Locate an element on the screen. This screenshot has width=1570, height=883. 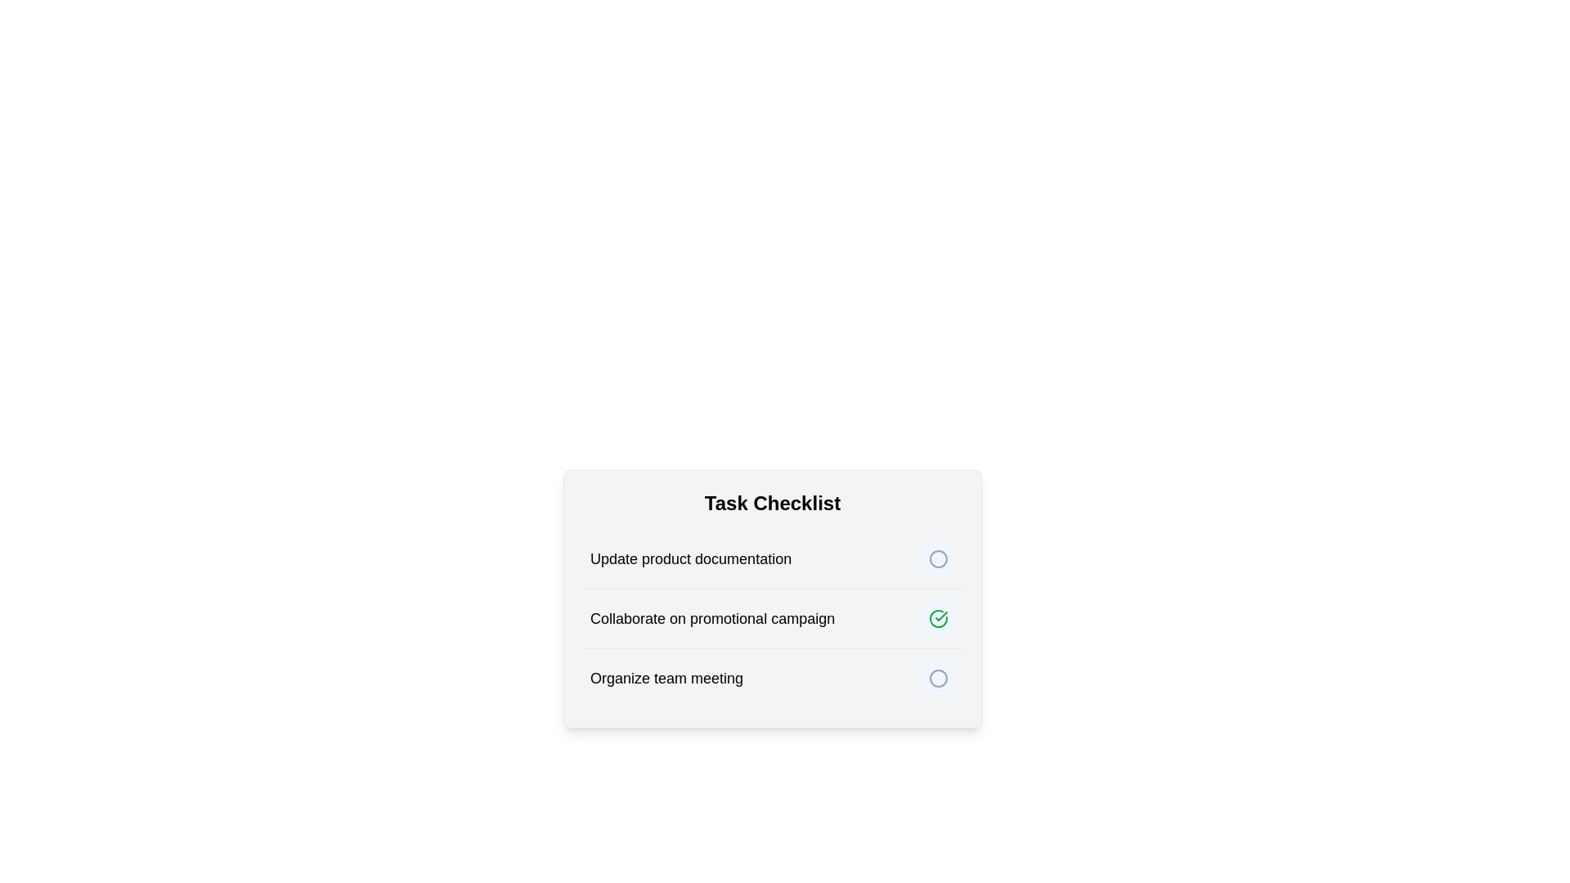
the interactive circular button with a light blue background and gray border, located to the right of 'Organize team meeting' in the bottom row of the checklist is located at coordinates (938, 678).